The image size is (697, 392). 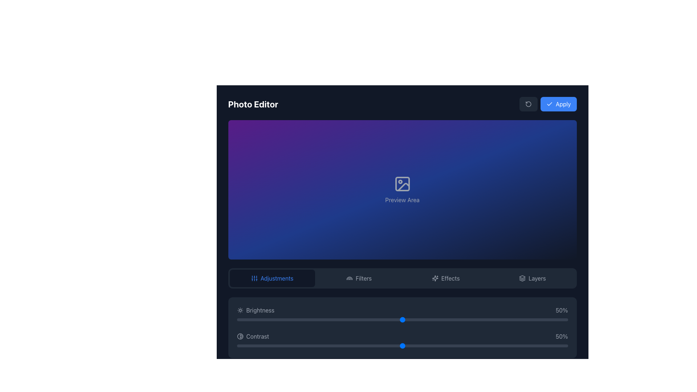 I want to click on the slider value, so click(x=257, y=319).